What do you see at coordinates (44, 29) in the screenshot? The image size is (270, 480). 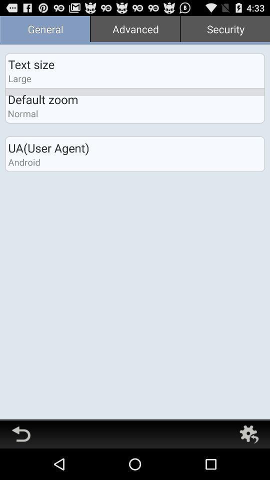 I see `general item` at bounding box center [44, 29].